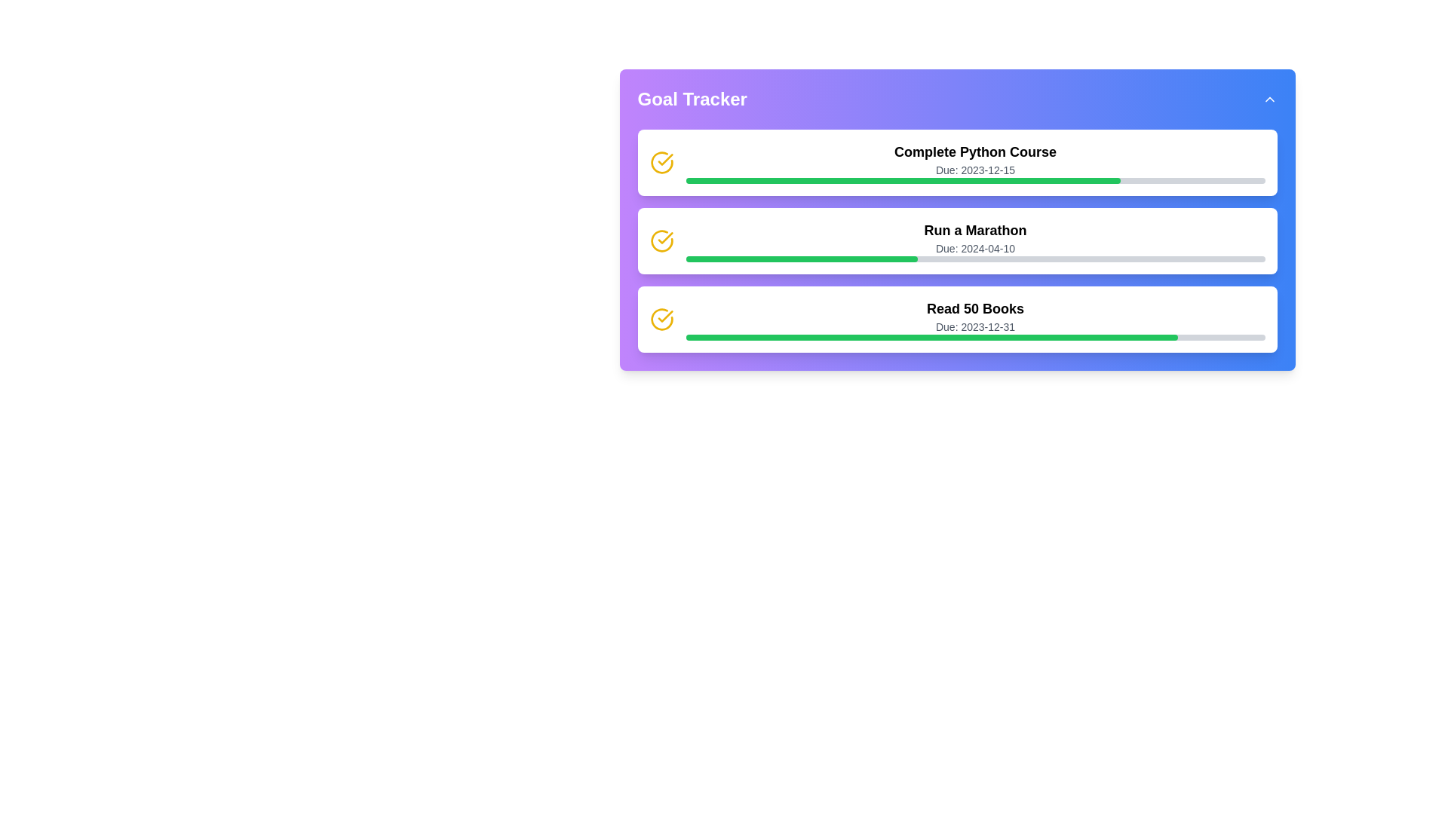  What do you see at coordinates (956, 240) in the screenshot?
I see `the List of goals in the 'Goal Tracker' section` at bounding box center [956, 240].